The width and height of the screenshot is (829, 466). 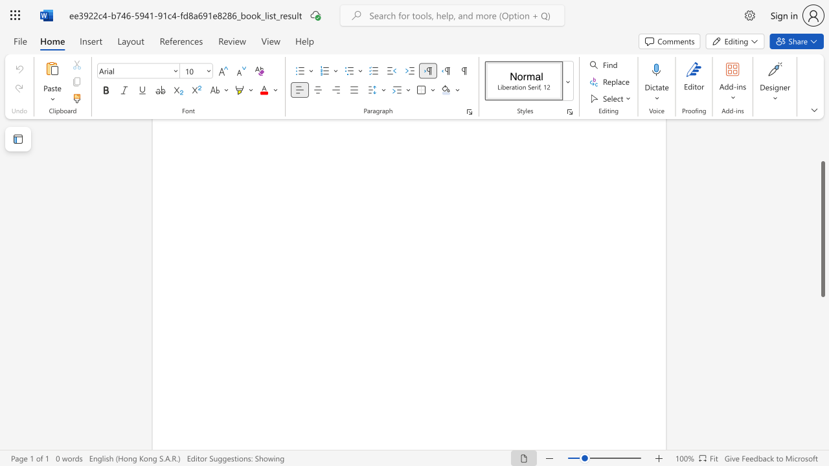 What do you see at coordinates (822, 342) in the screenshot?
I see `the scrollbar to scroll the page down` at bounding box center [822, 342].